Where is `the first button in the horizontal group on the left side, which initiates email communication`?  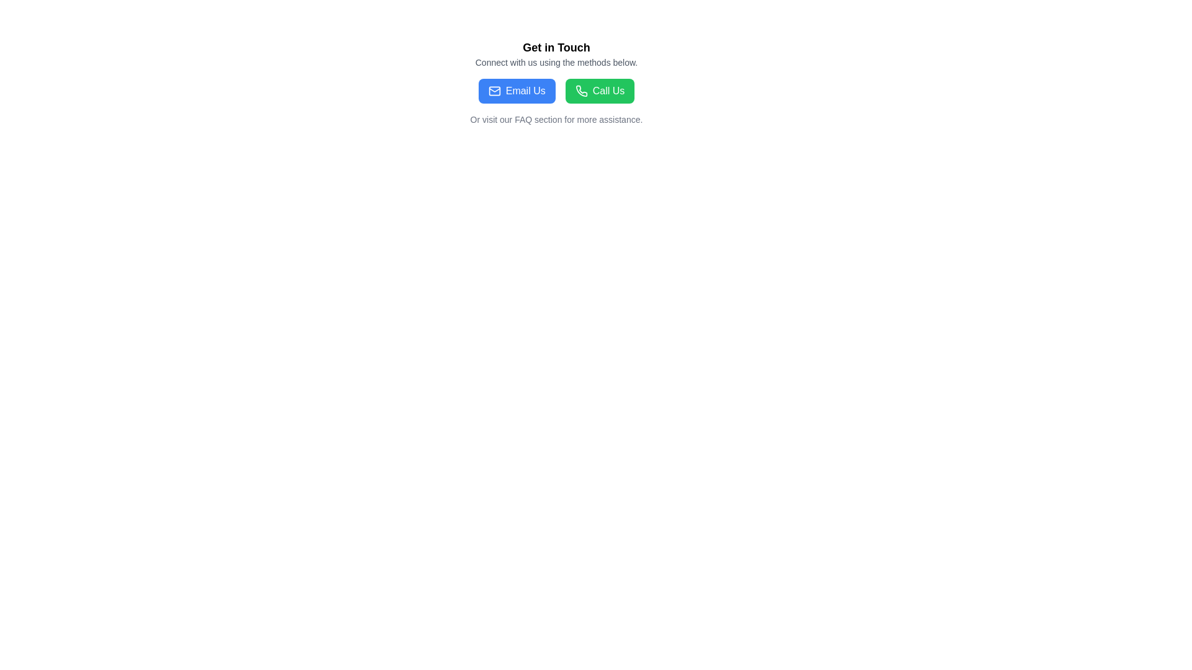
the first button in the horizontal group on the left side, which initiates email communication is located at coordinates (517, 90).